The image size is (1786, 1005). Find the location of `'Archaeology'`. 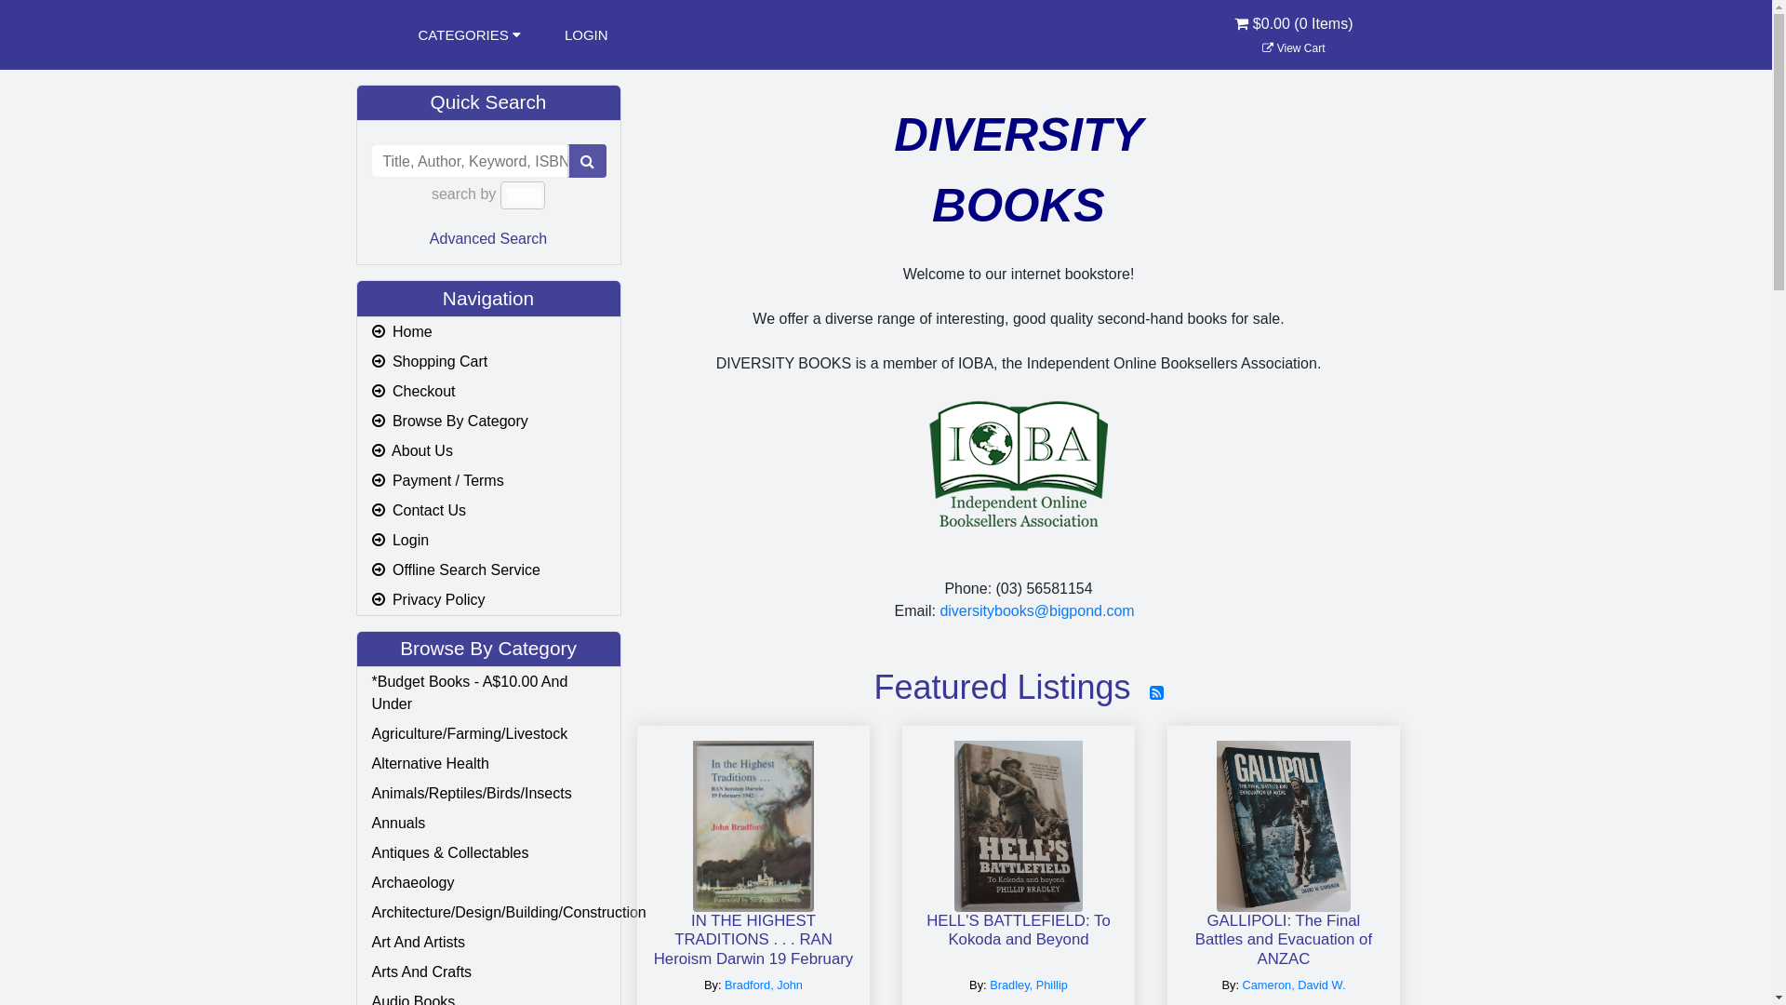

'Archaeology' is located at coordinates (488, 881).